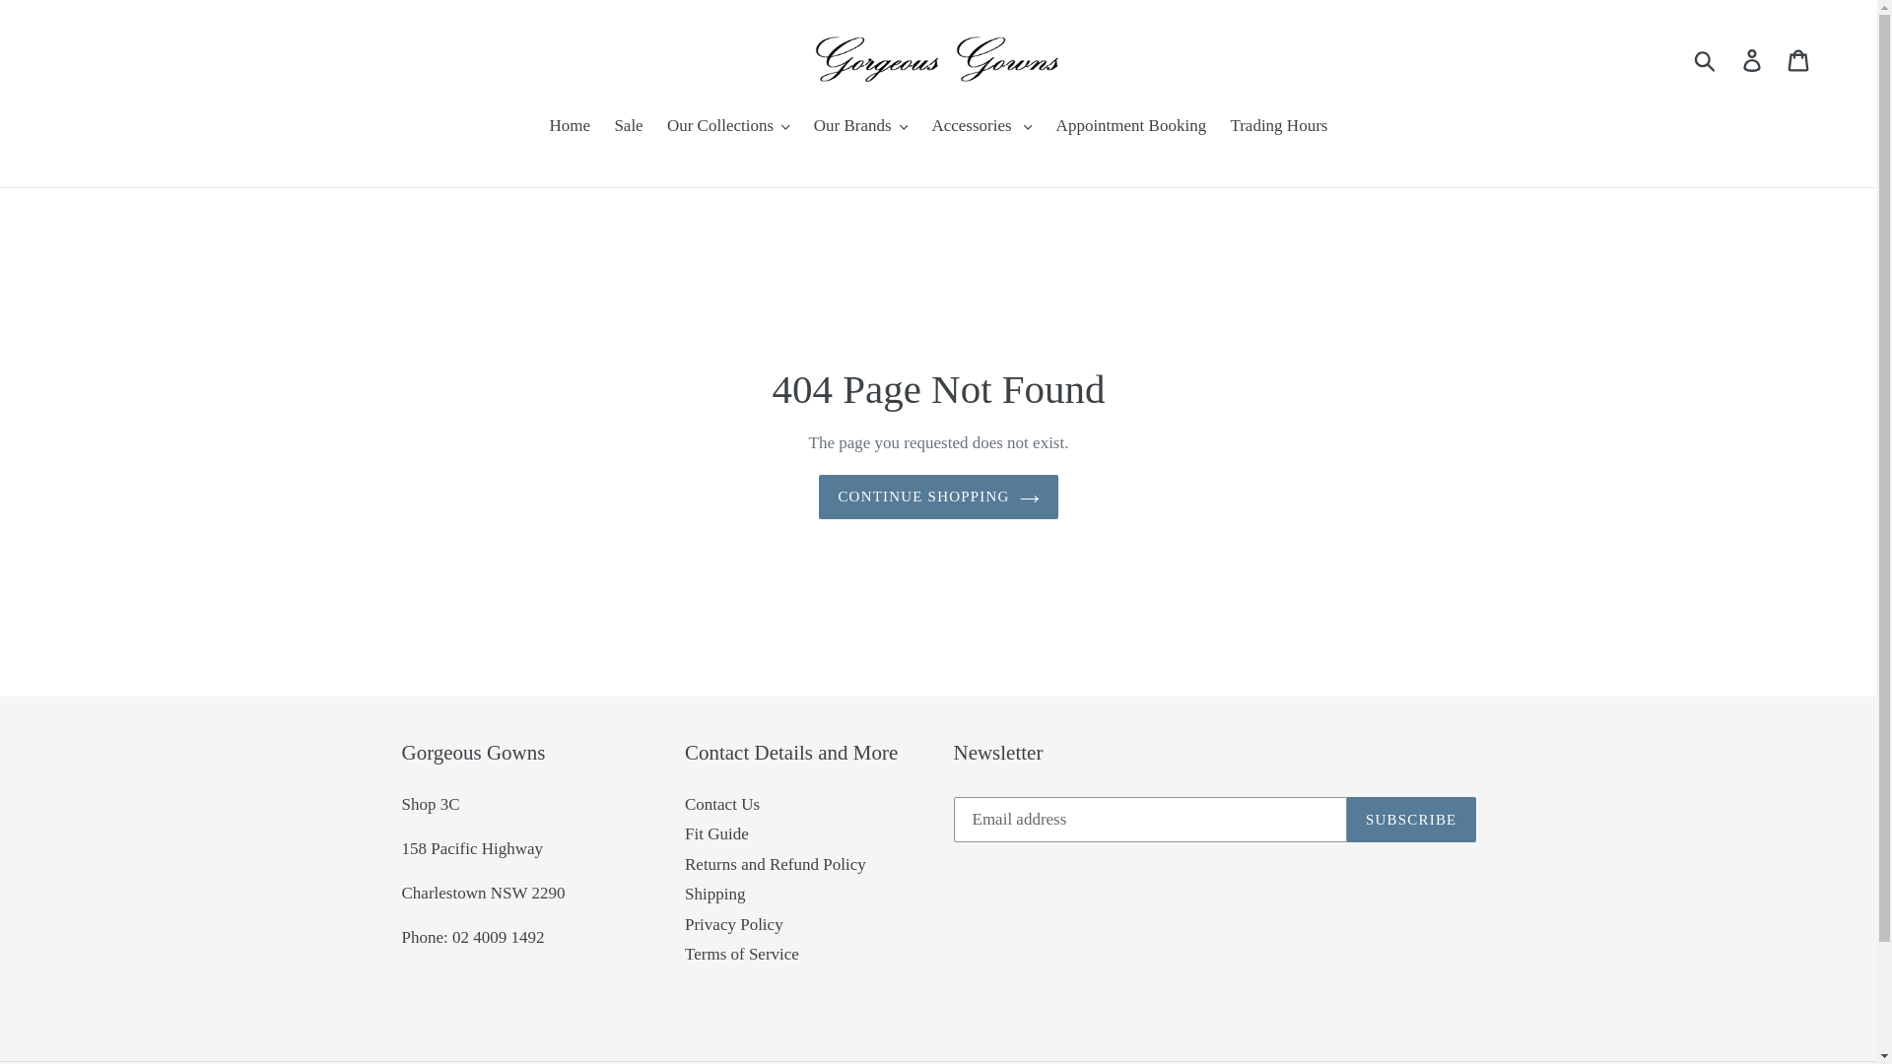 The width and height of the screenshot is (1892, 1064). What do you see at coordinates (1278, 127) in the screenshot?
I see `'Trading Hours'` at bounding box center [1278, 127].